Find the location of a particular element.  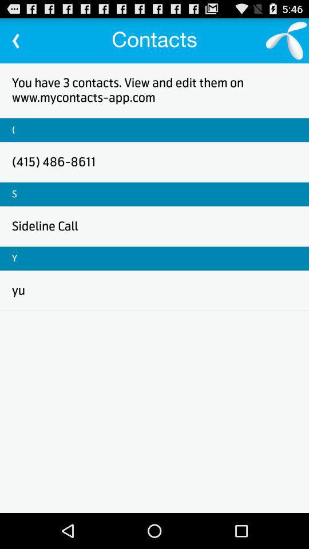

sideline call icon is located at coordinates (44, 225).